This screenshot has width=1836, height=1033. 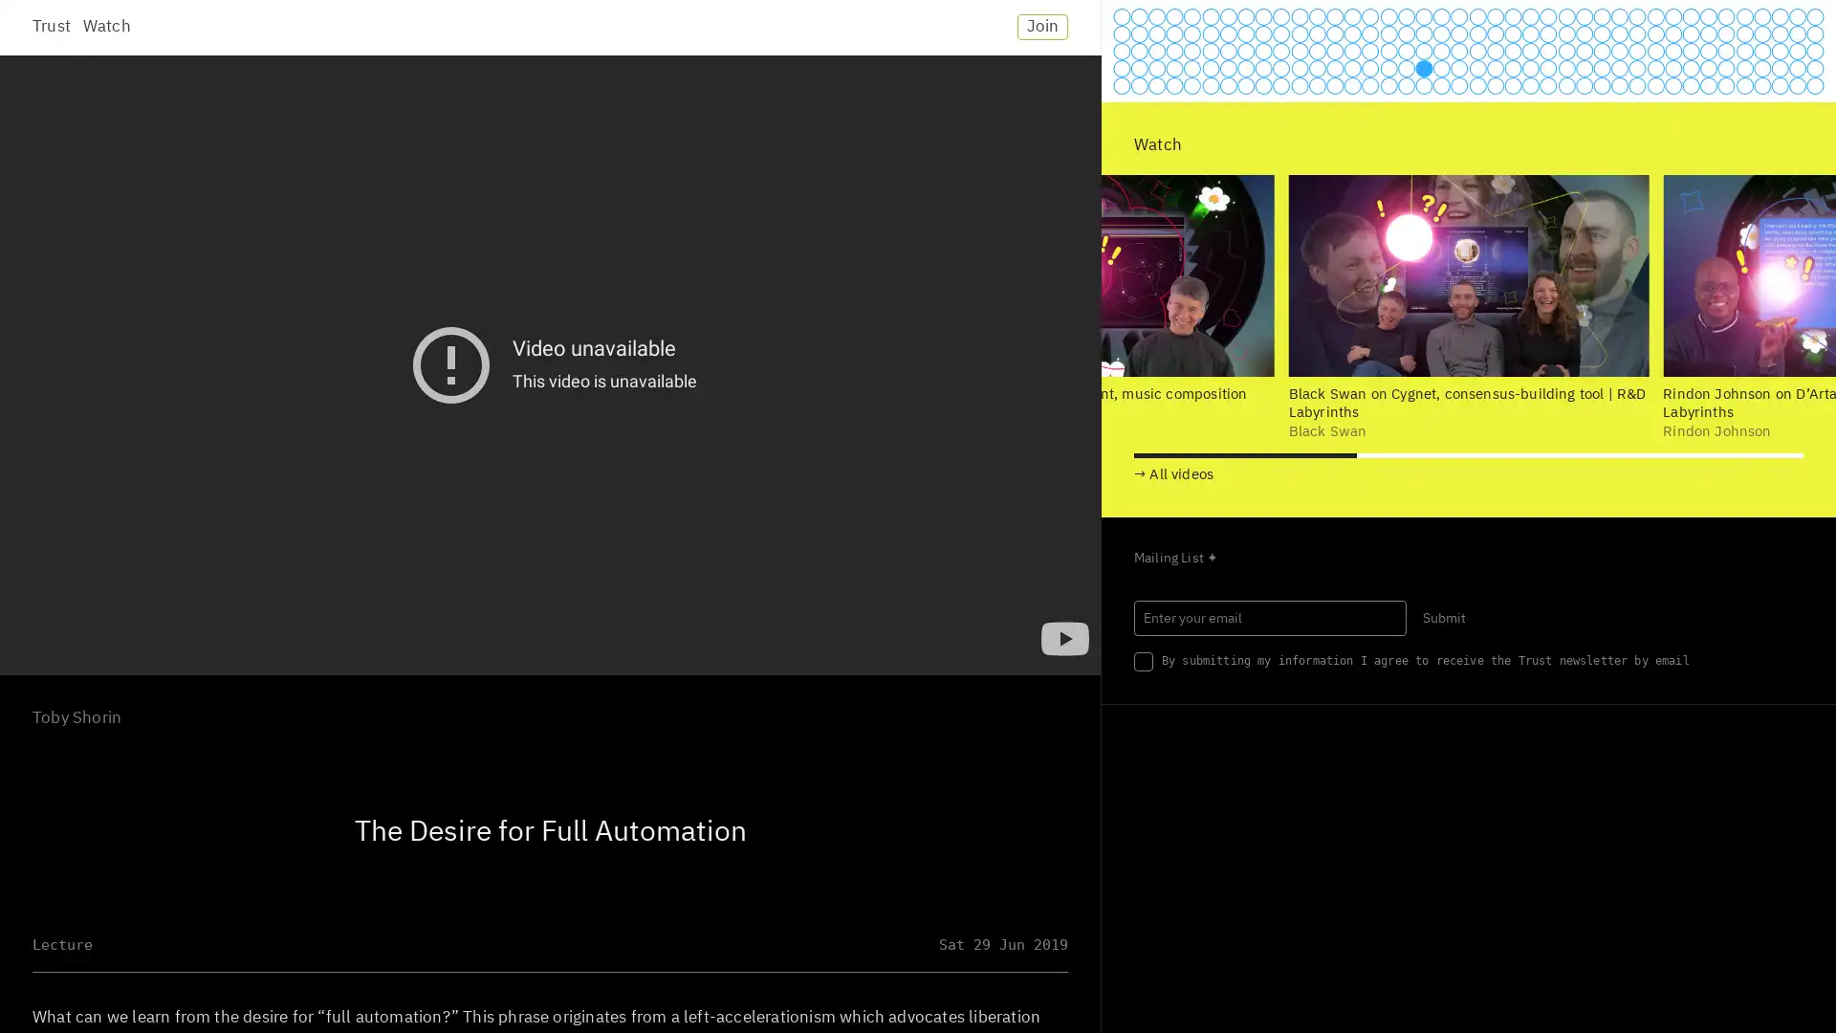 What do you see at coordinates (1691, 454) in the screenshot?
I see `Go to slide 3` at bounding box center [1691, 454].